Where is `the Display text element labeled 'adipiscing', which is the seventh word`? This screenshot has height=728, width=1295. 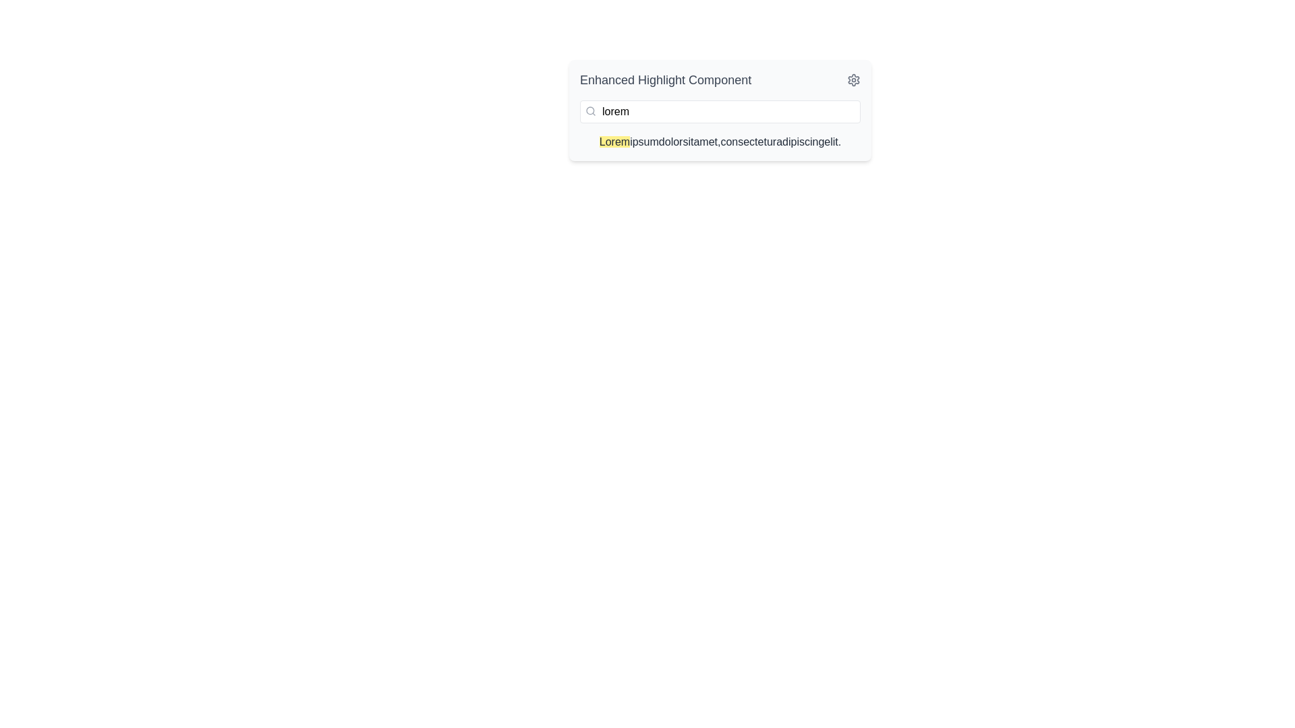 the Display text element labeled 'adipiscing', which is the seventh word is located at coordinates (800, 142).